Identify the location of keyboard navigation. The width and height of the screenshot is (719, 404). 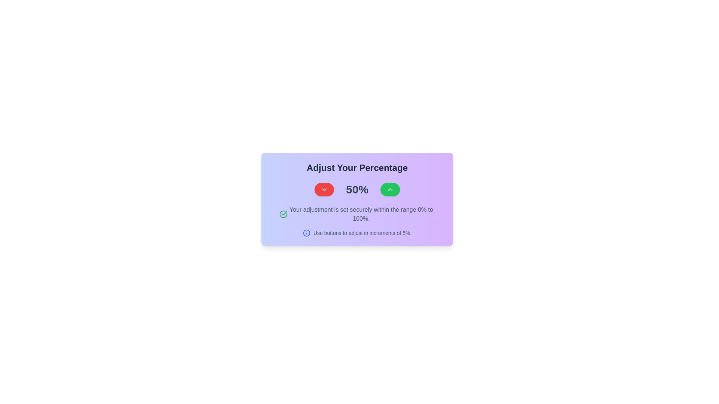
(389, 189).